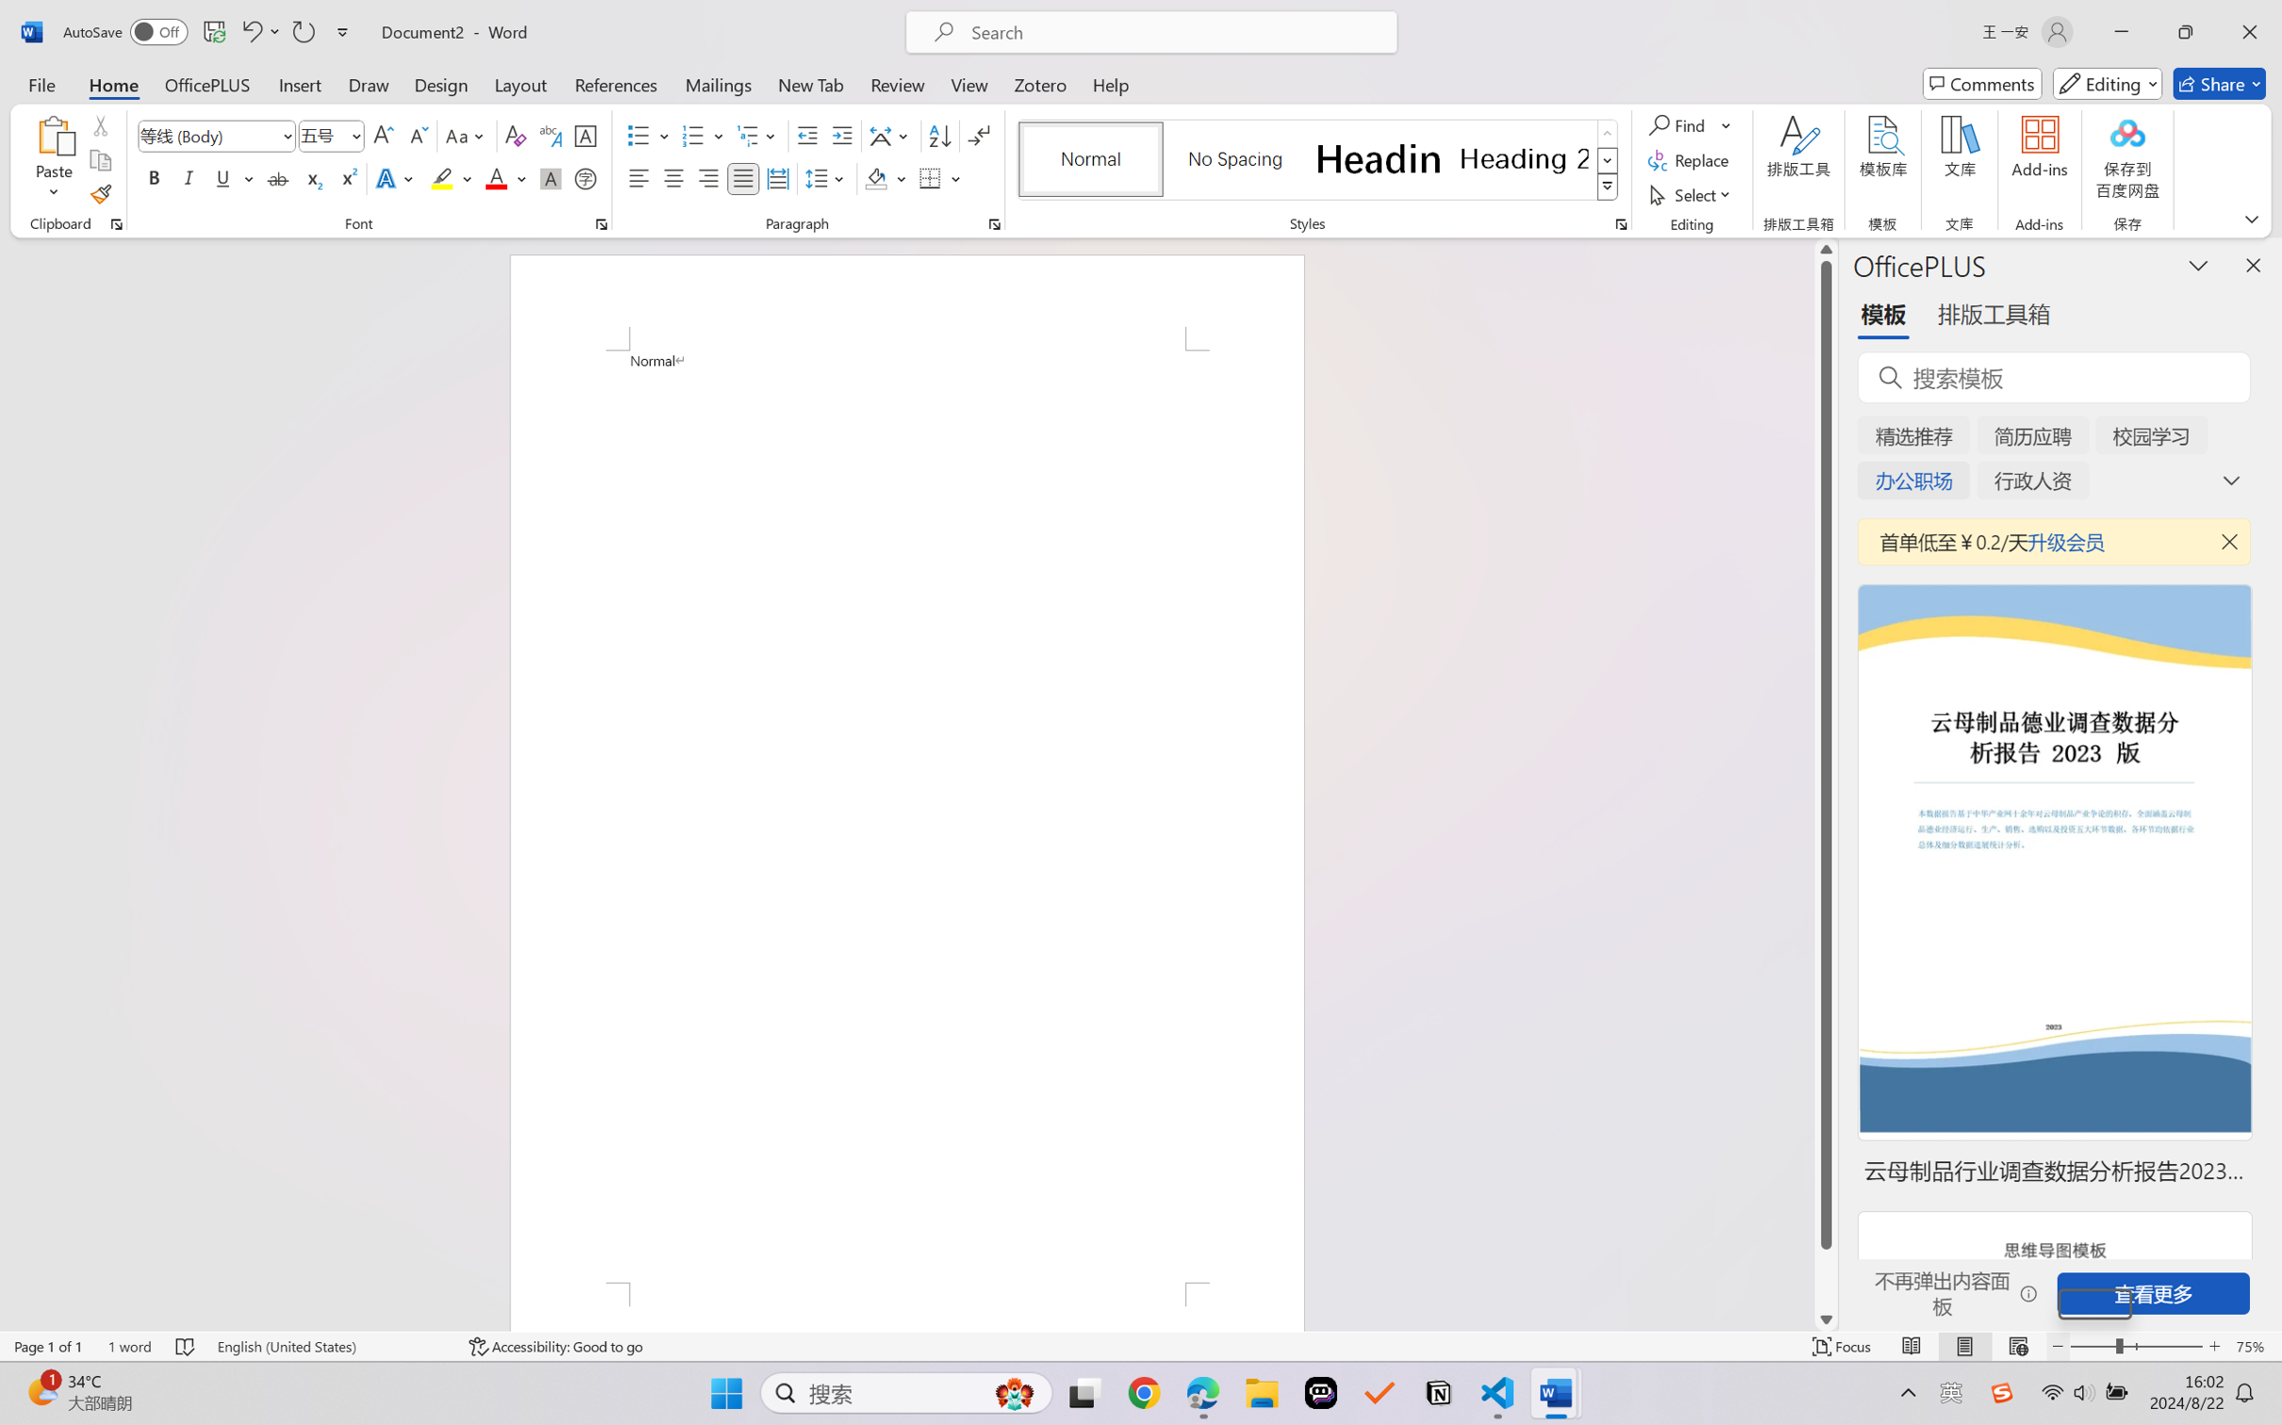 The width and height of the screenshot is (2282, 1425). Describe the element at coordinates (331, 136) in the screenshot. I see `'Font Size'` at that location.